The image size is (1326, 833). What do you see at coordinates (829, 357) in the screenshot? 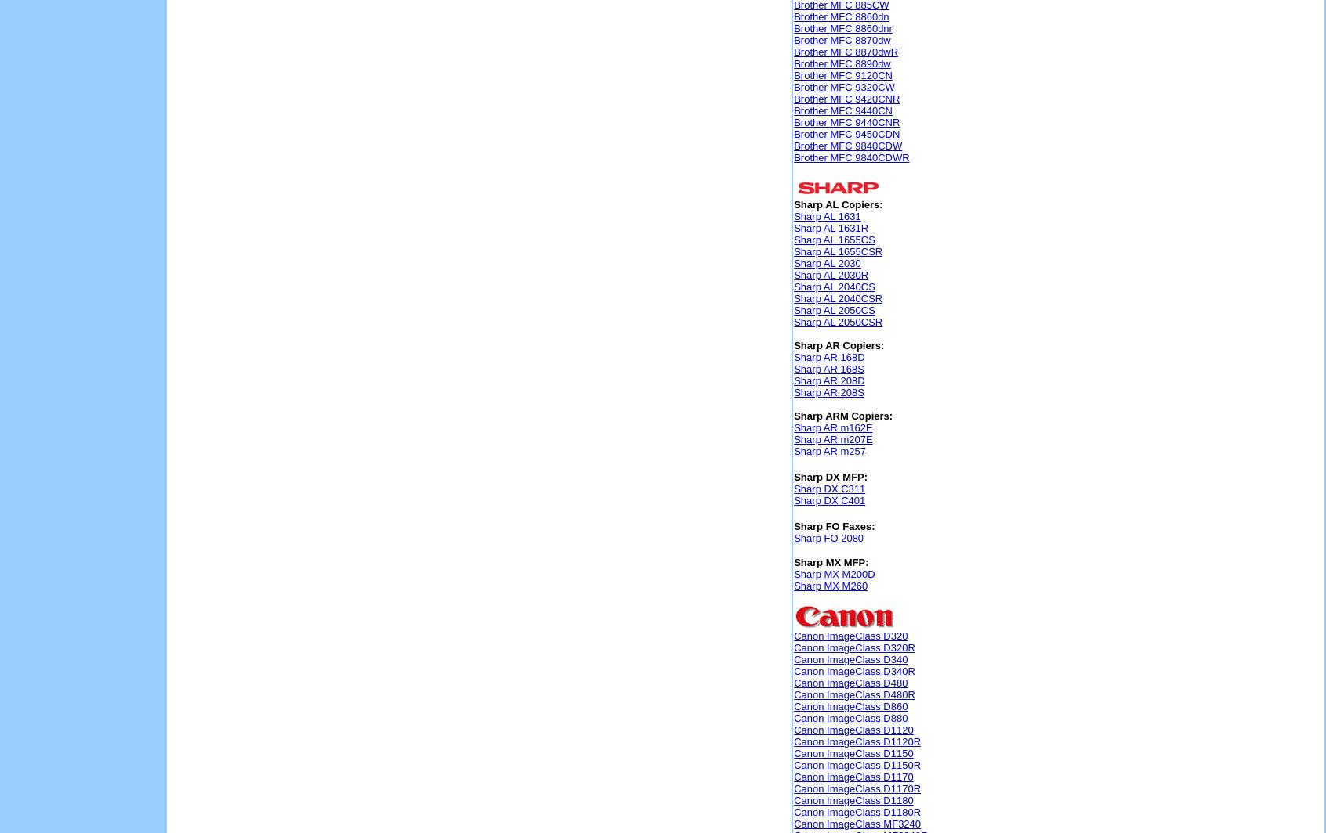
I see `'Sharp AR 168D'` at bounding box center [829, 357].